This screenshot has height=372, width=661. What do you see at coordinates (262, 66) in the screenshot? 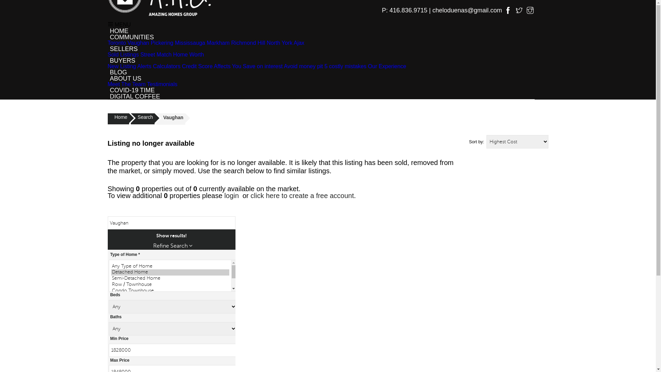
I see `'Save on interest'` at bounding box center [262, 66].